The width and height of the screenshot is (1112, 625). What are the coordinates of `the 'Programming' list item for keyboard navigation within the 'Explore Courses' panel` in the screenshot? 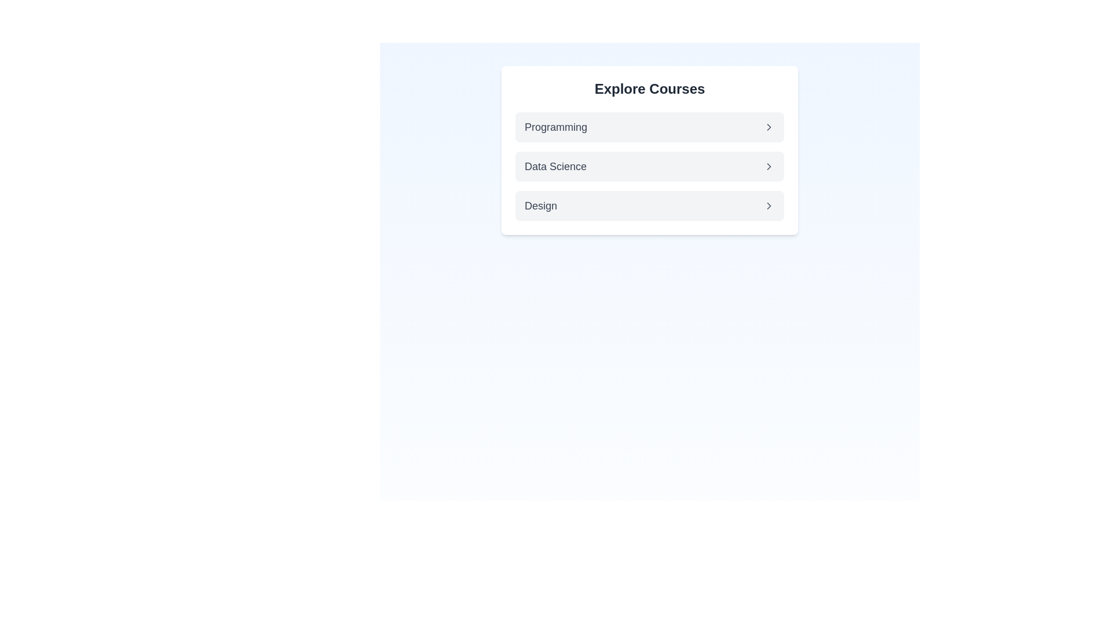 It's located at (650, 127).